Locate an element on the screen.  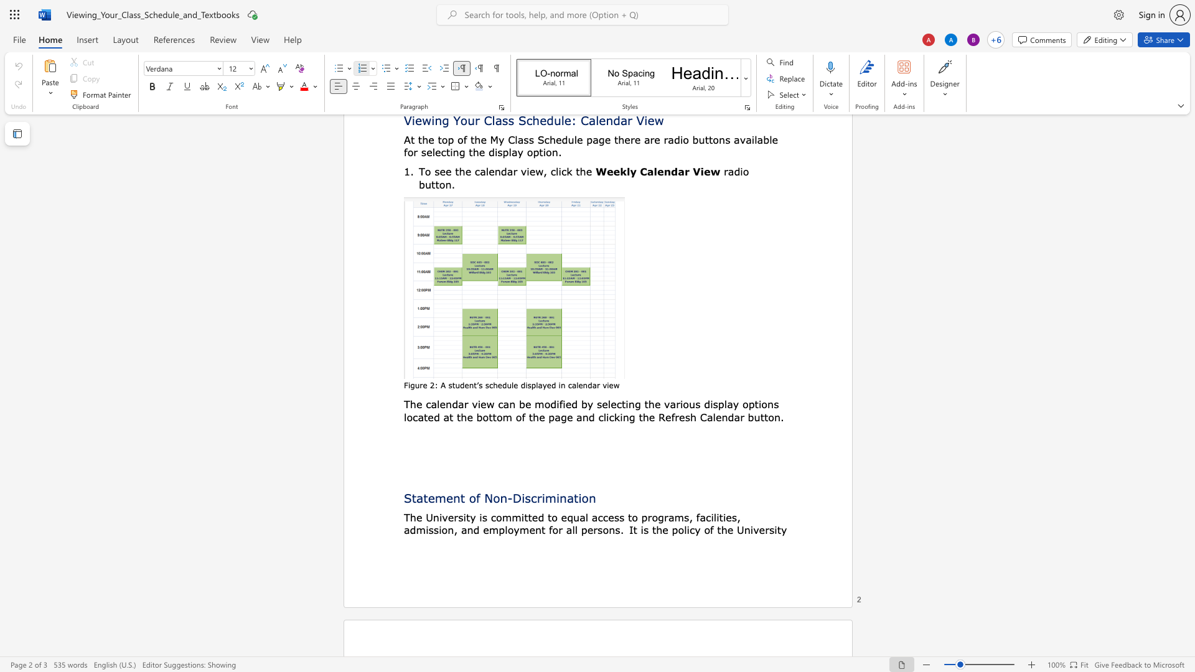
the space between the continuous character "o" and "p" in the text is located at coordinates (747, 404).